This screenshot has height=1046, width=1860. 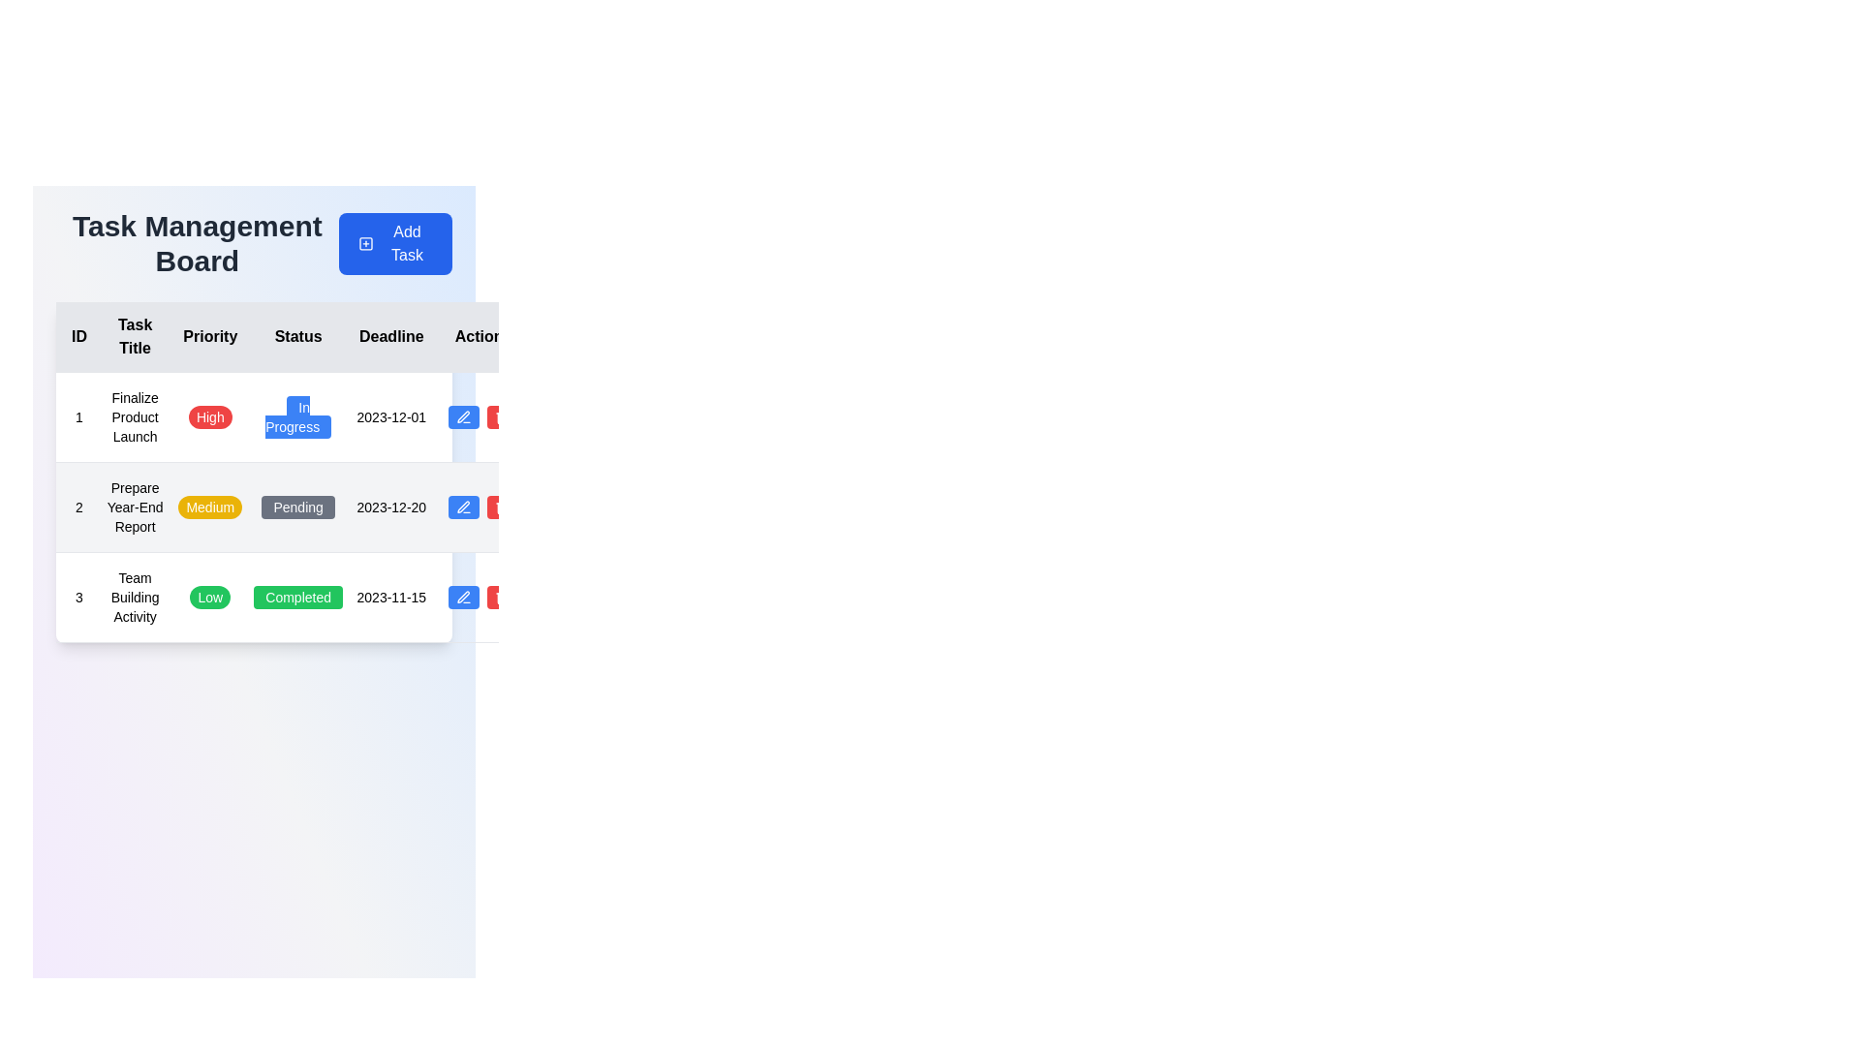 I want to click on the status information represented by the blue label with white text reading 'In Progress', located in the 'Status' column of the first row of the task table, aligned with 'Finalize Product Launch', so click(x=297, y=416).